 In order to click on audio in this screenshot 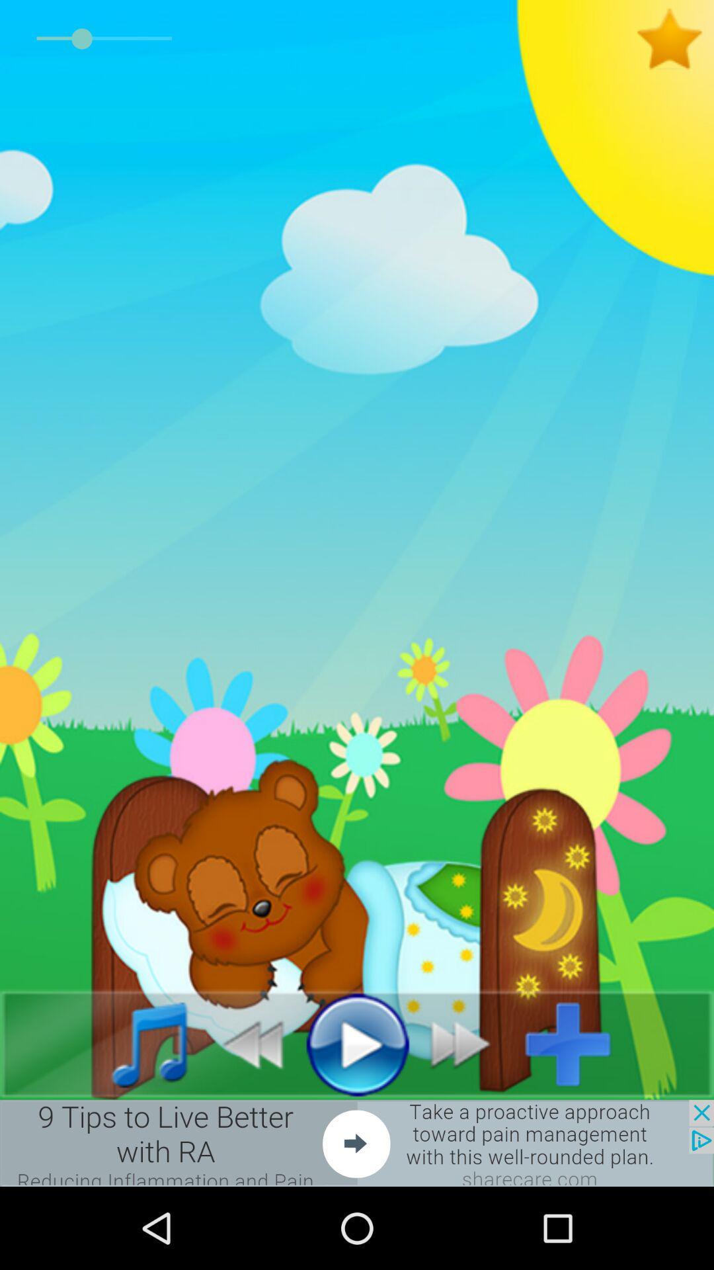, I will do `click(357, 1043)`.